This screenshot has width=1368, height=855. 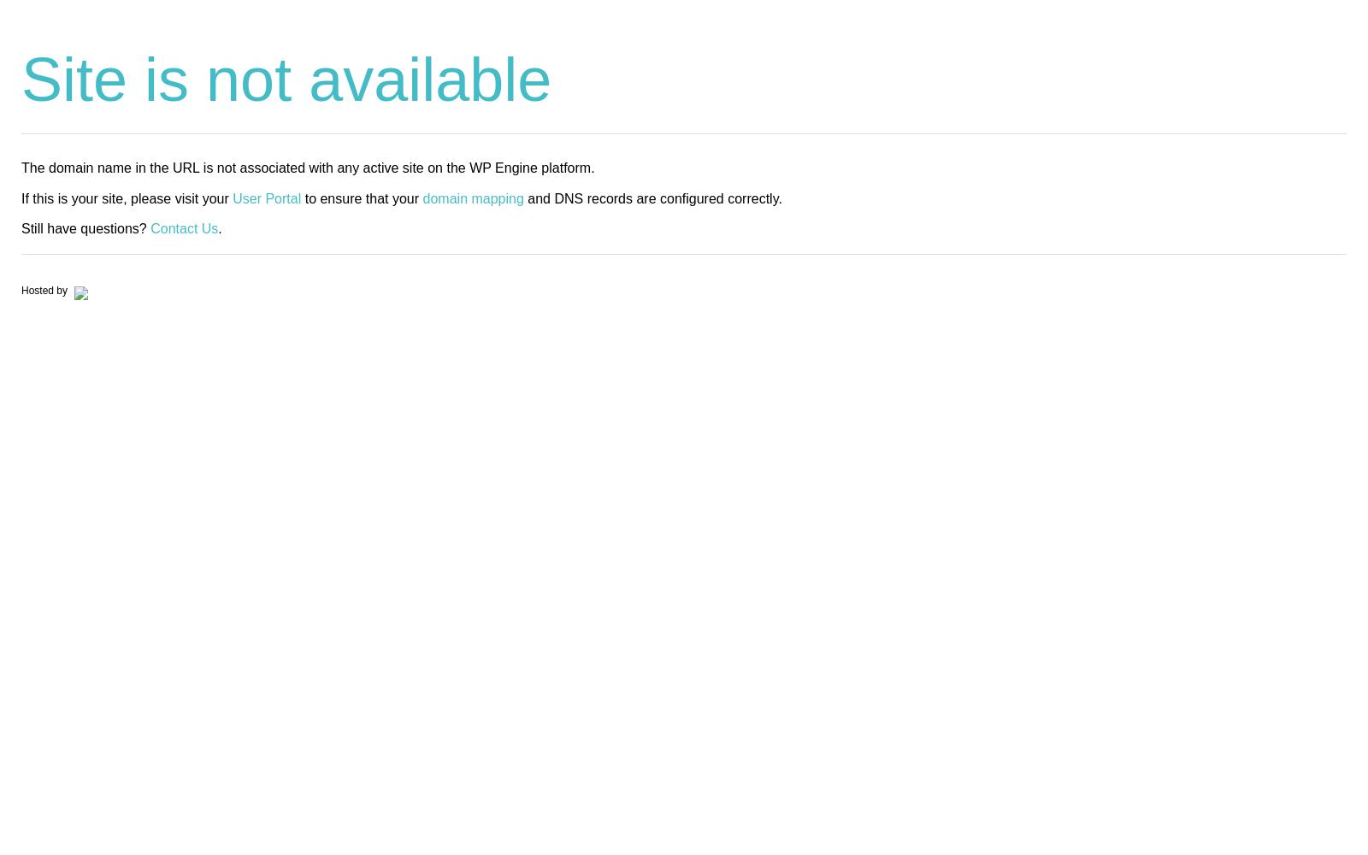 I want to click on 'Hosted by', so click(x=44, y=289).